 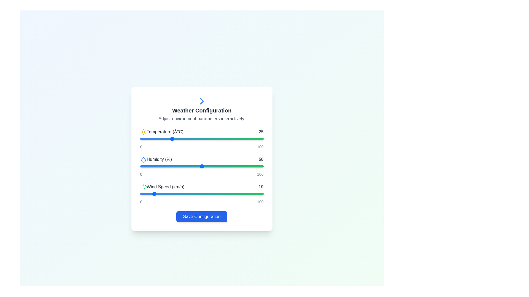 What do you see at coordinates (219, 139) in the screenshot?
I see `temperature` at bounding box center [219, 139].